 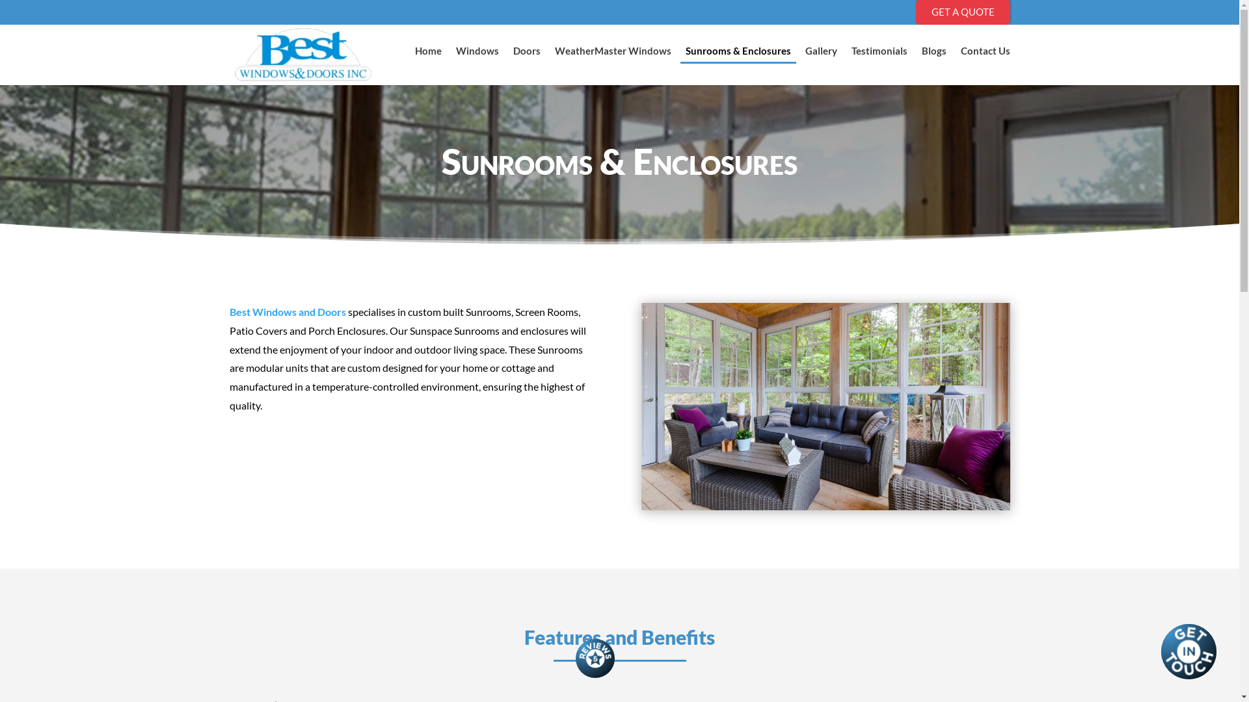 I want to click on 'Sunrooms & Enclosures', so click(x=738, y=65).